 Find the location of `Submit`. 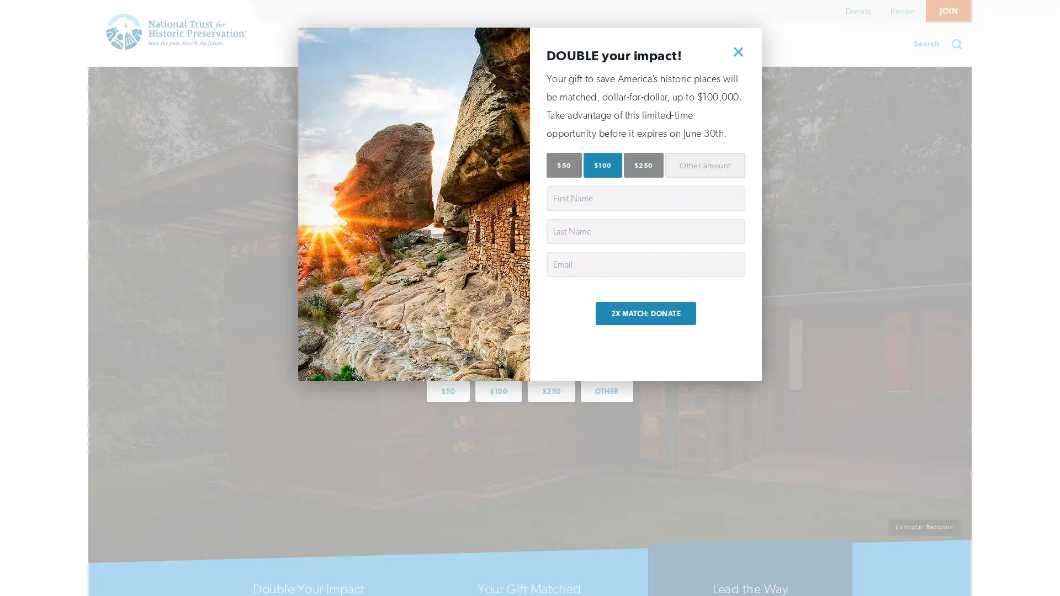

Submit is located at coordinates (960, 44).